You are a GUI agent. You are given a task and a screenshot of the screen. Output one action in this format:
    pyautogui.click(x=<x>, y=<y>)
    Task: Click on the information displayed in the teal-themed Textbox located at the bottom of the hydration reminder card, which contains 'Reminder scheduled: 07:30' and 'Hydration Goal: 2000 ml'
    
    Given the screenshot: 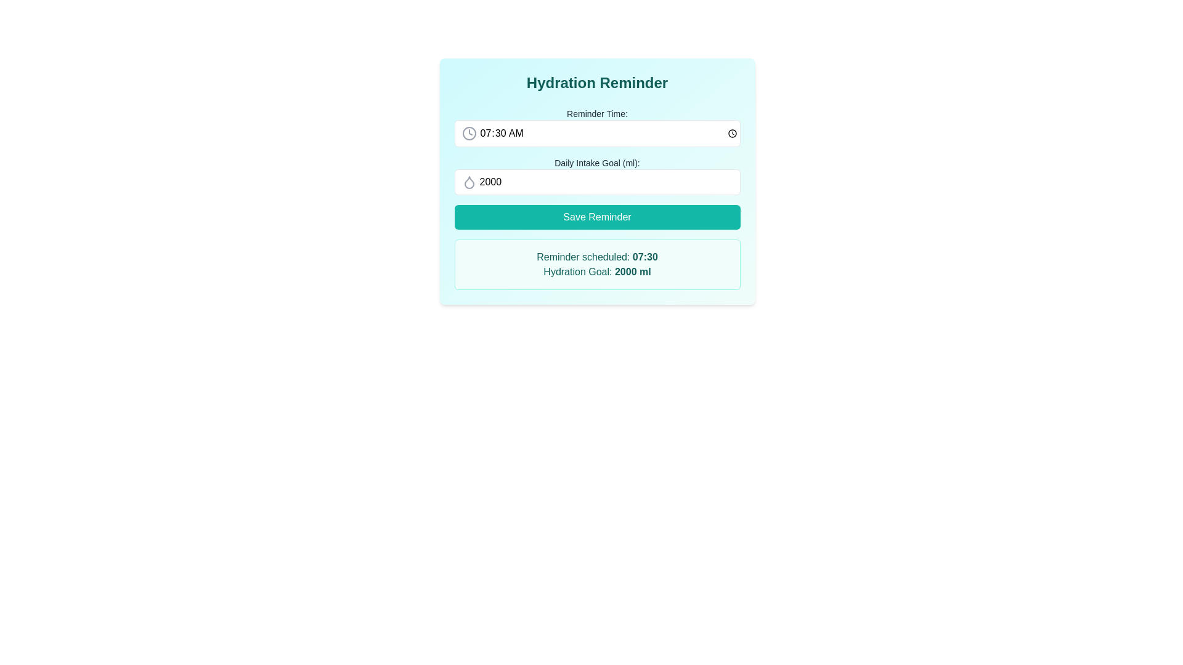 What is the action you would take?
    pyautogui.click(x=597, y=264)
    